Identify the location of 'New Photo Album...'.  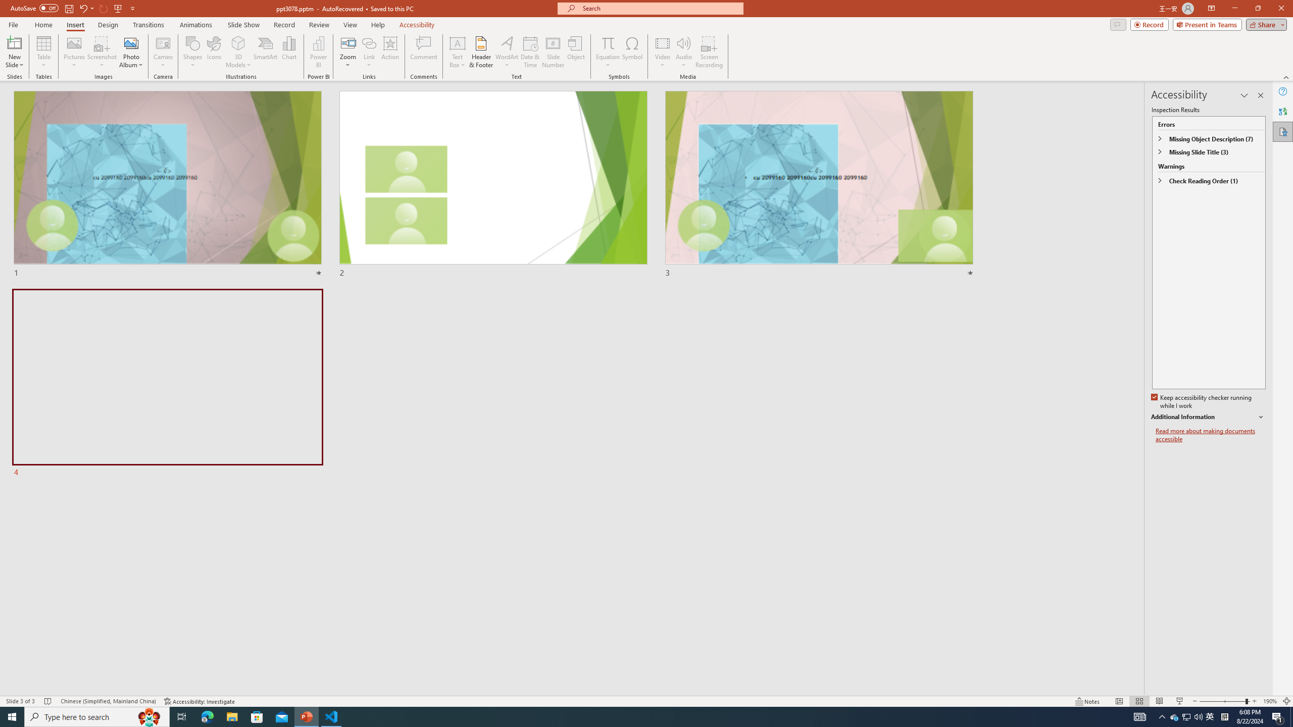
(130, 42).